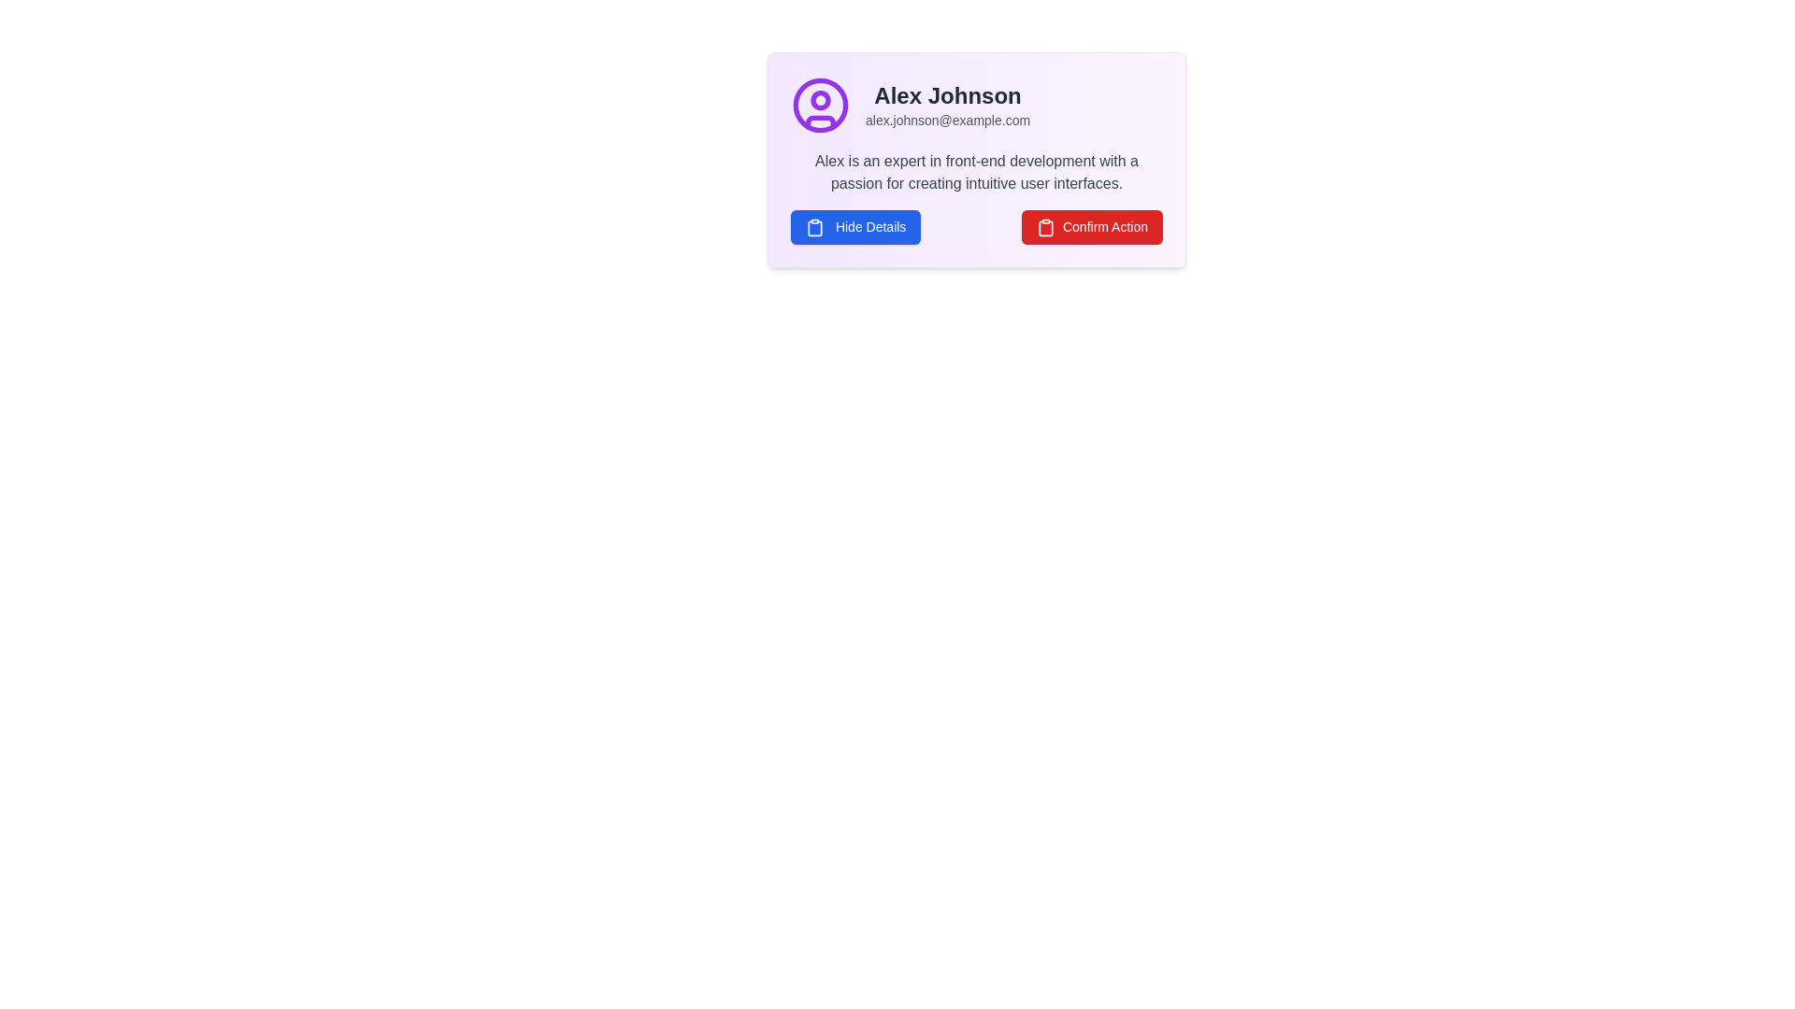 The height and width of the screenshot is (1009, 1795). What do you see at coordinates (815, 226) in the screenshot?
I see `the 'Hide Details' button located at the bottom-left of the card interface, which includes a graphical icon to its left` at bounding box center [815, 226].